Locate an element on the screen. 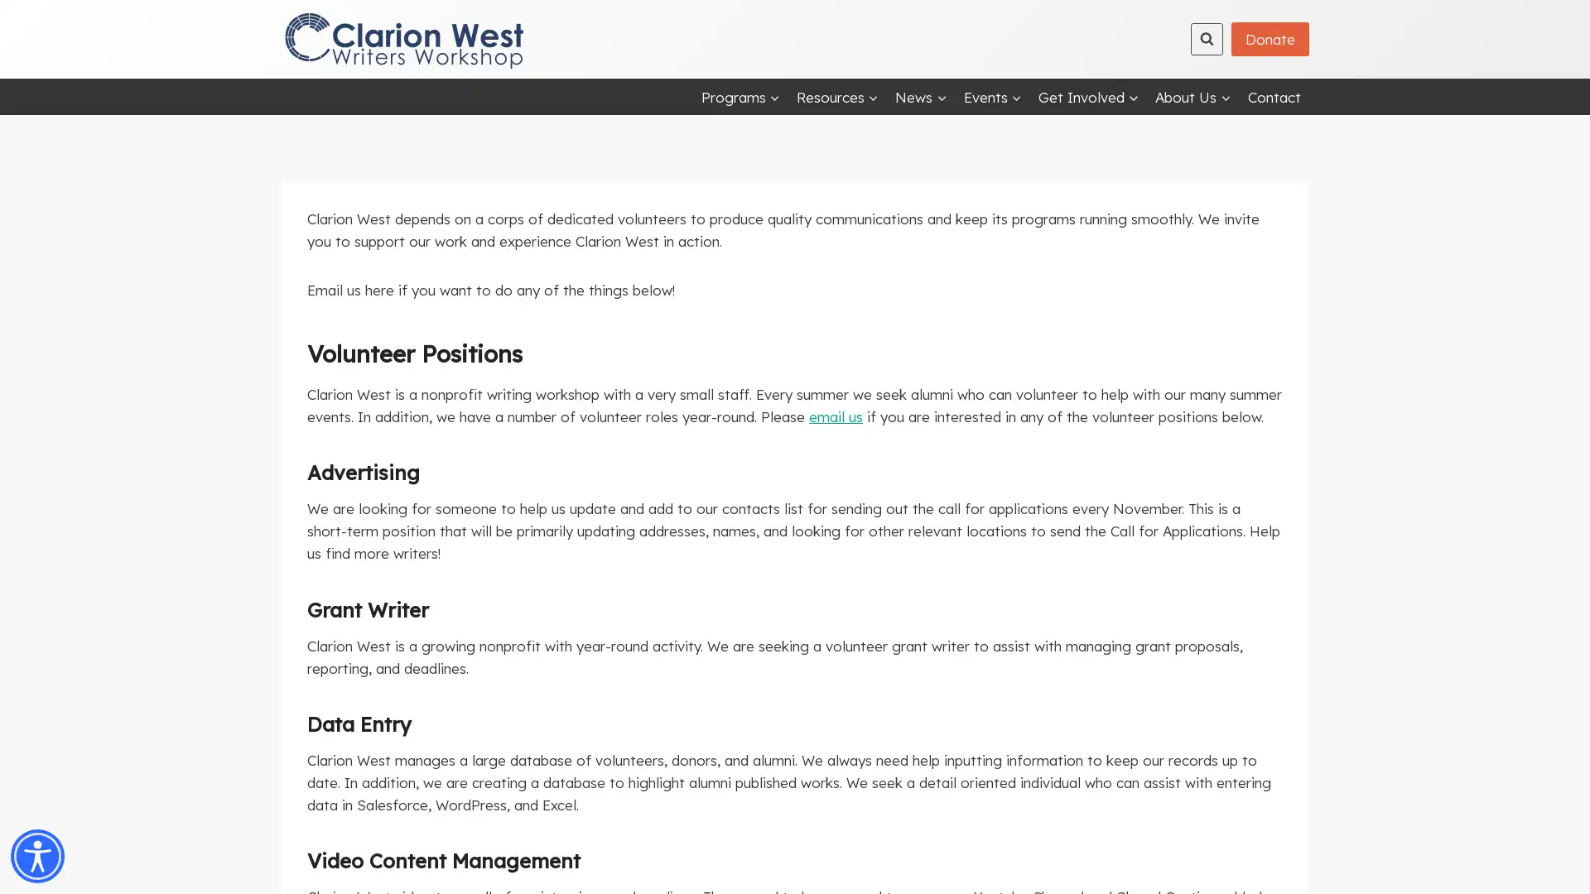  Expand child menu is located at coordinates (739, 96).